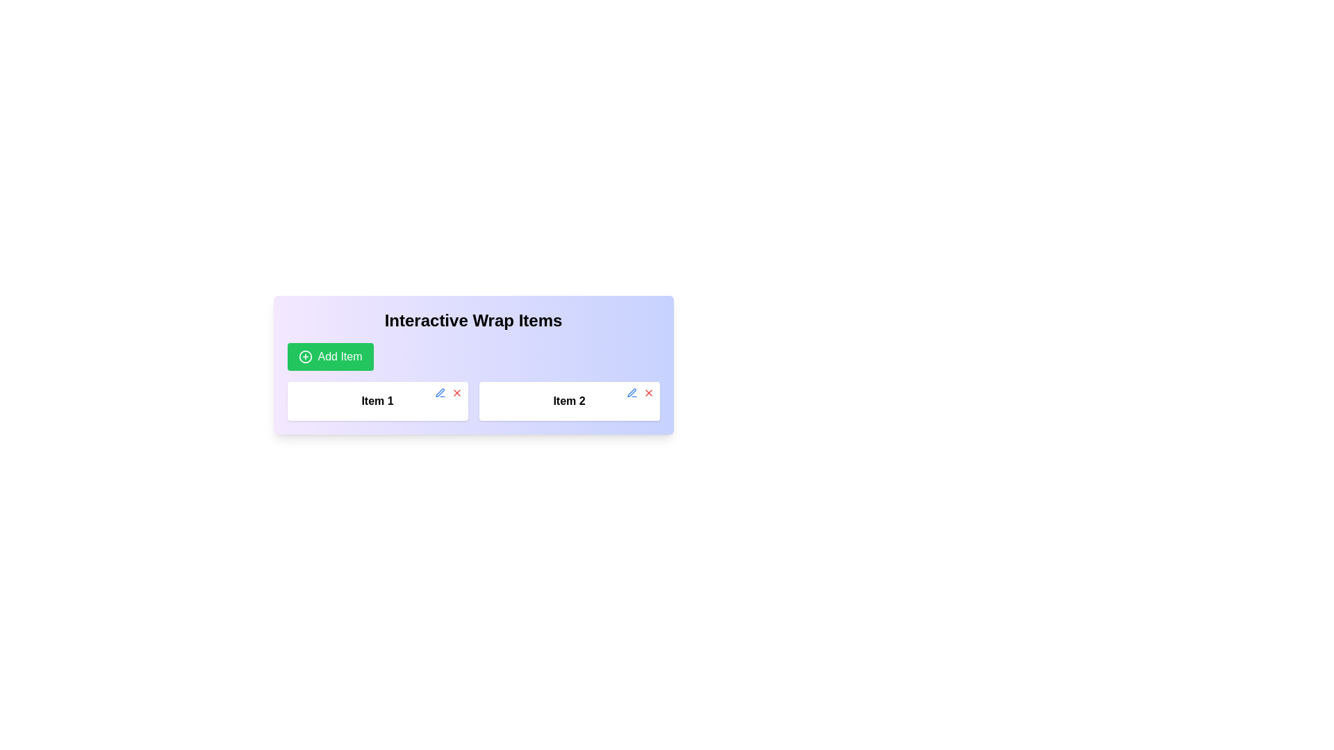 This screenshot has width=1334, height=750. What do you see at coordinates (439, 393) in the screenshot?
I see `the edit button located in the top-right corner of the 'Item 2' box` at bounding box center [439, 393].